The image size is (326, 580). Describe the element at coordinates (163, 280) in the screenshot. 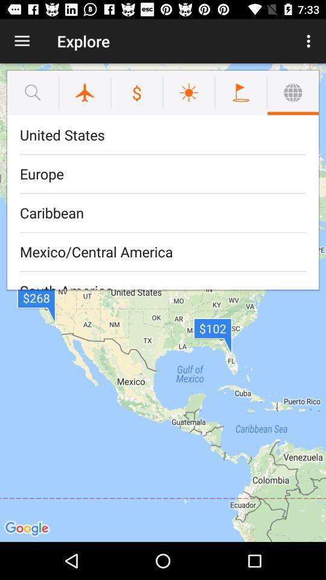

I see `the south america` at that location.